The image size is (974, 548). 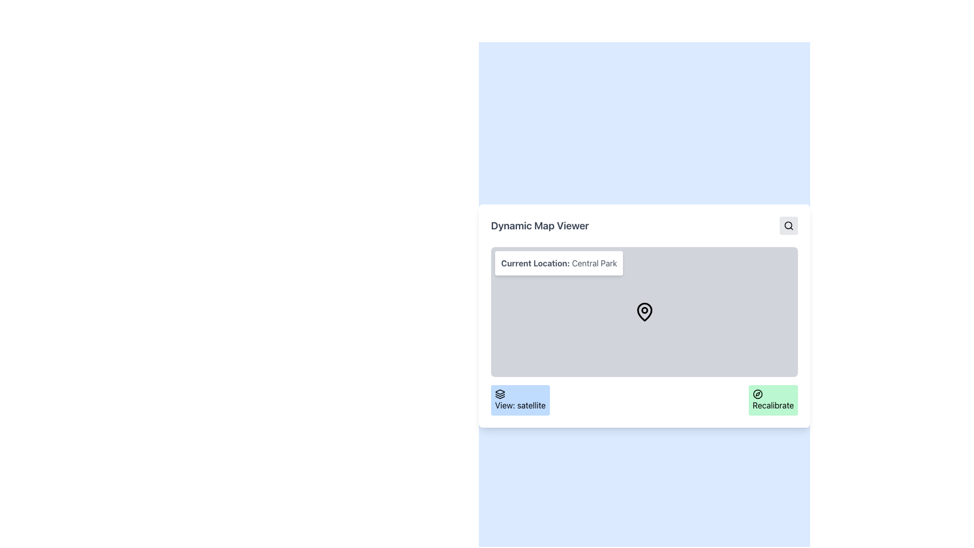 I want to click on the circular icon with a compass design located within the green 'Recalibrate' button in the bottom right corner of the interface, so click(x=757, y=393).